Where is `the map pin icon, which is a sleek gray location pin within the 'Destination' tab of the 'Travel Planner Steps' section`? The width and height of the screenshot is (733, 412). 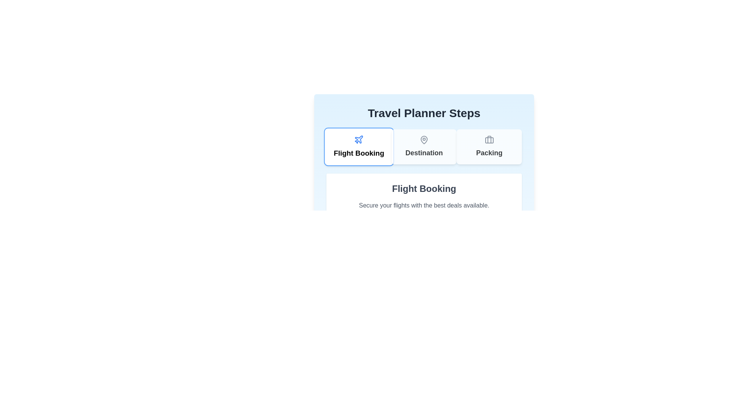
the map pin icon, which is a sleek gray location pin within the 'Destination' tab of the 'Travel Planner Steps' section is located at coordinates (423, 140).